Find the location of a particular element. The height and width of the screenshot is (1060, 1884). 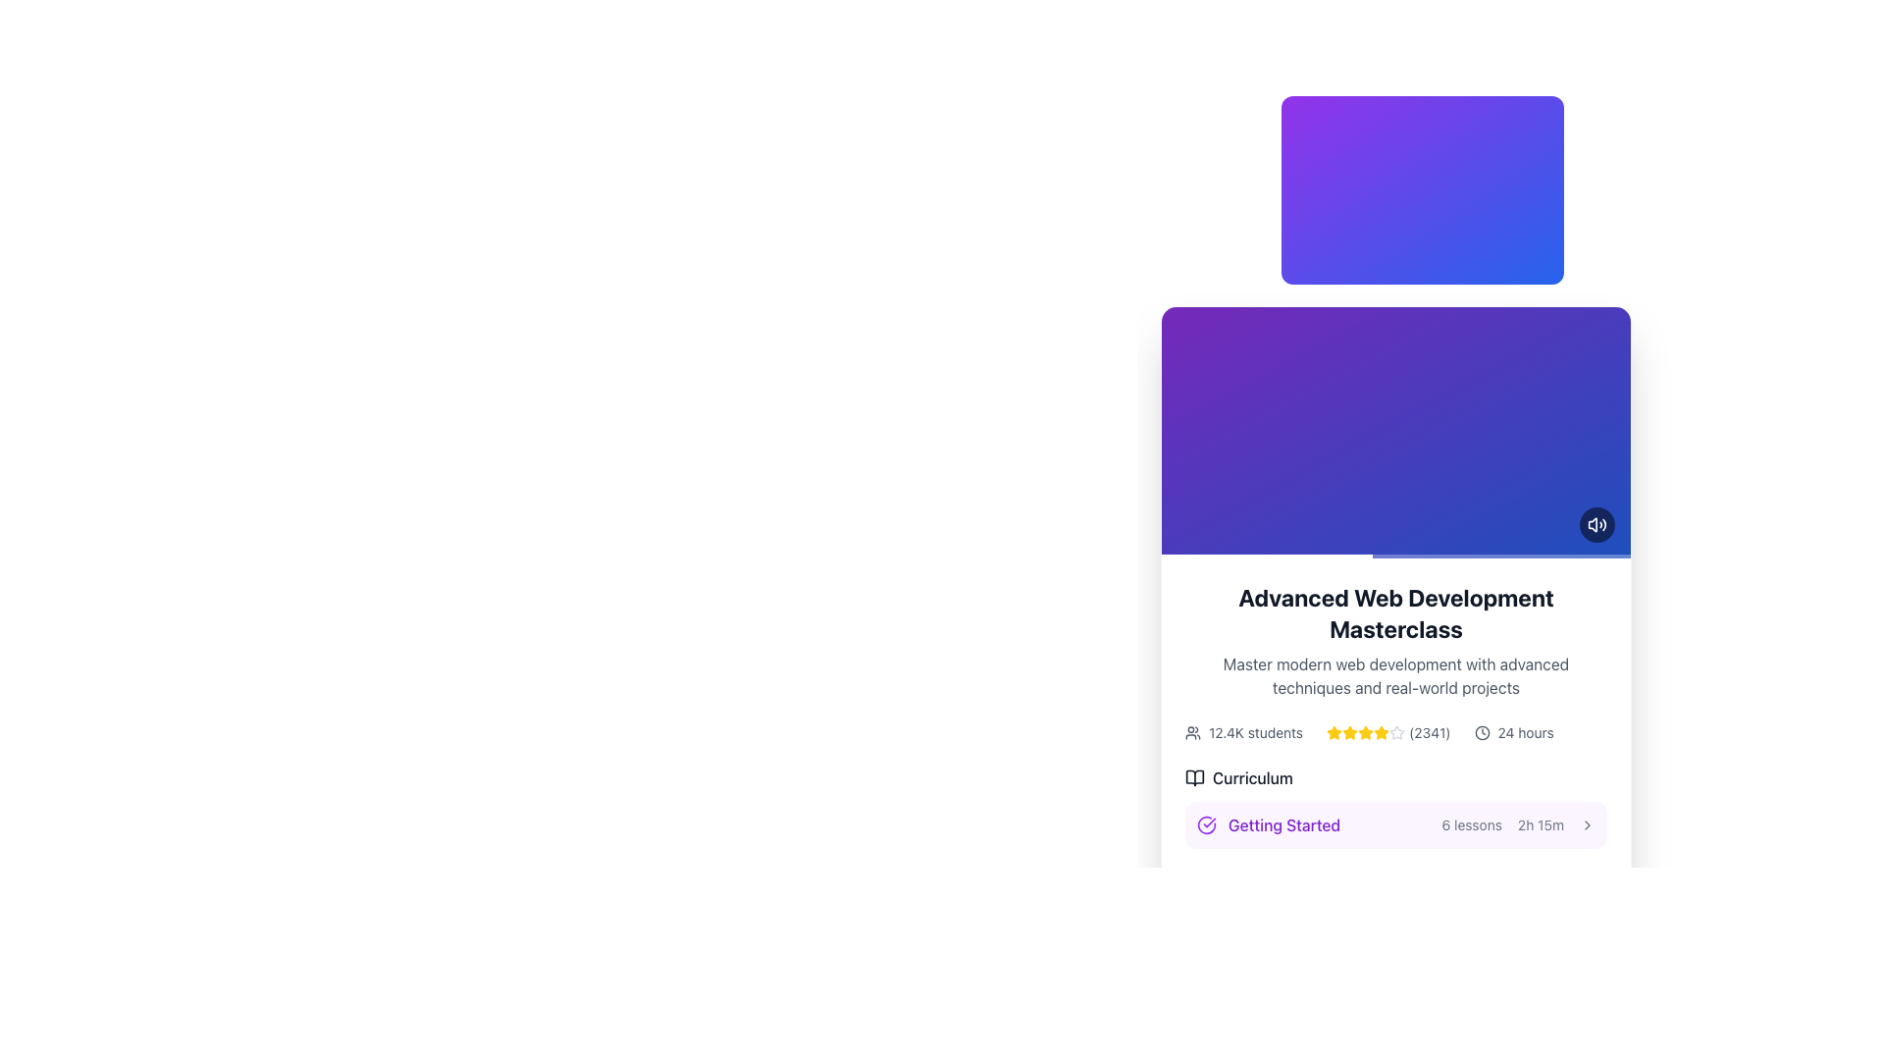

the sixth star icon in the rating component, which is styled with a yellow fill and outline, located below the course title 'Advanced Web Development Masterclass' is located at coordinates (1381, 733).